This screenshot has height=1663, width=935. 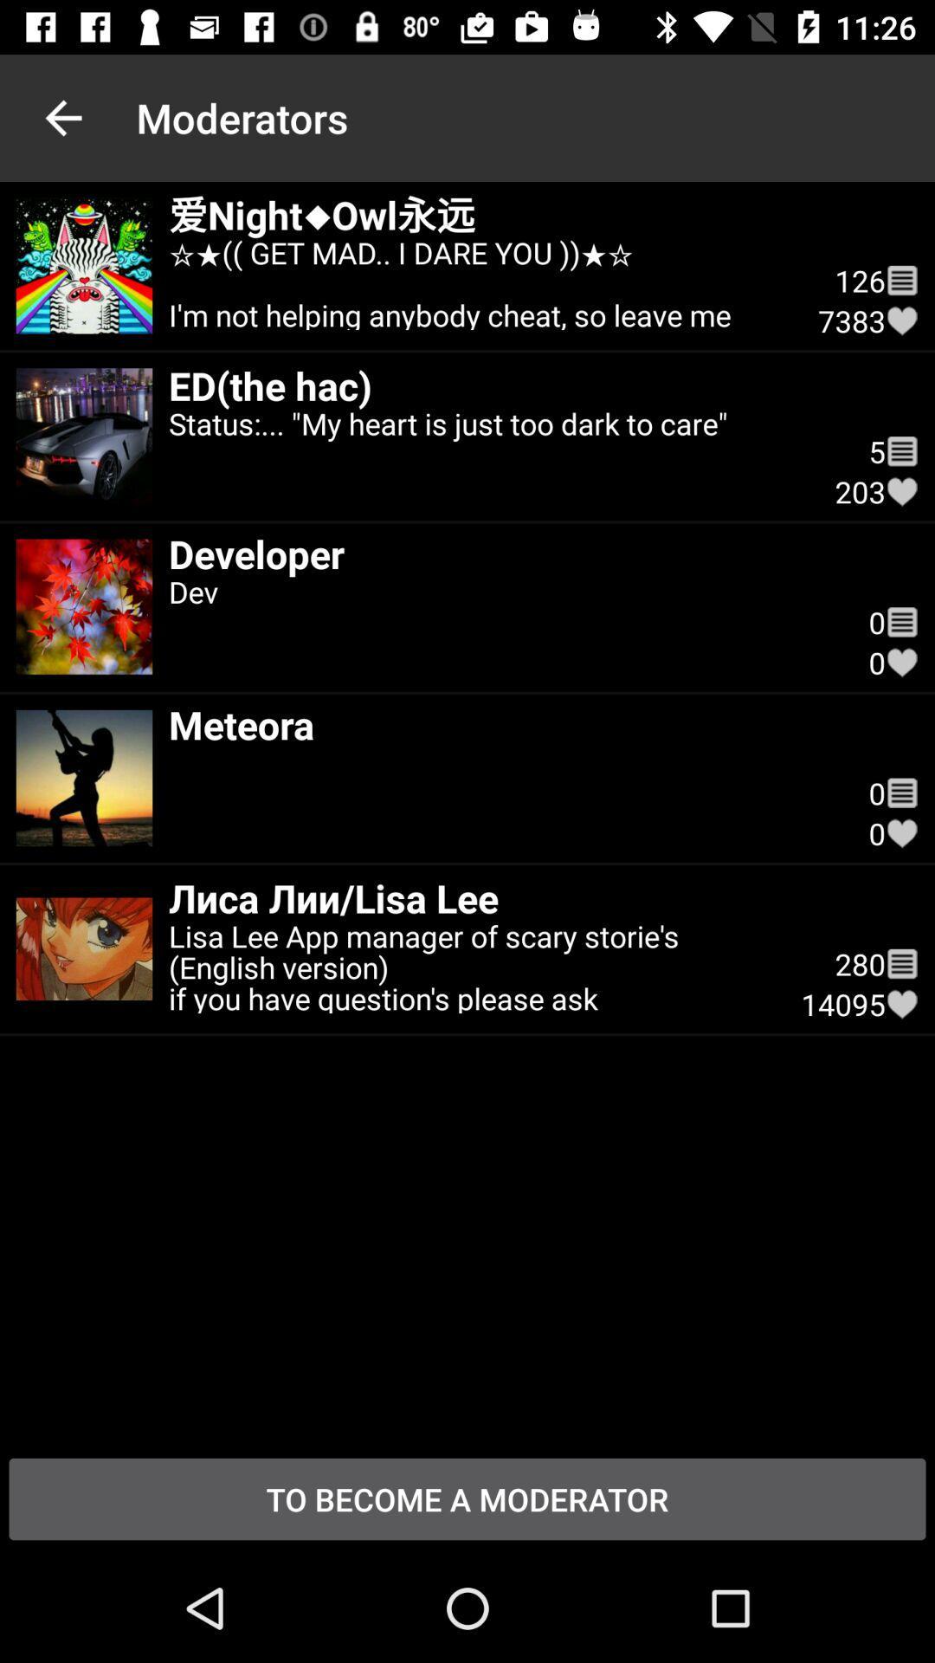 I want to click on icon below the moderators icon, so click(x=477, y=213).